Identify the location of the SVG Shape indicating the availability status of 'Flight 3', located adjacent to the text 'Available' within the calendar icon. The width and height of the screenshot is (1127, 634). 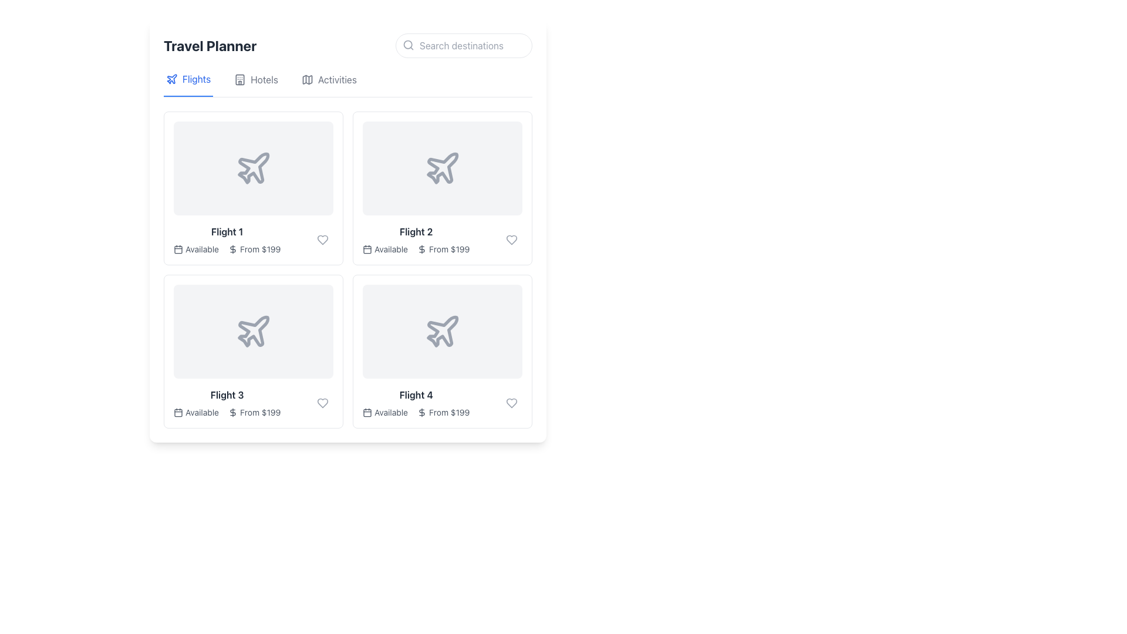
(177, 412).